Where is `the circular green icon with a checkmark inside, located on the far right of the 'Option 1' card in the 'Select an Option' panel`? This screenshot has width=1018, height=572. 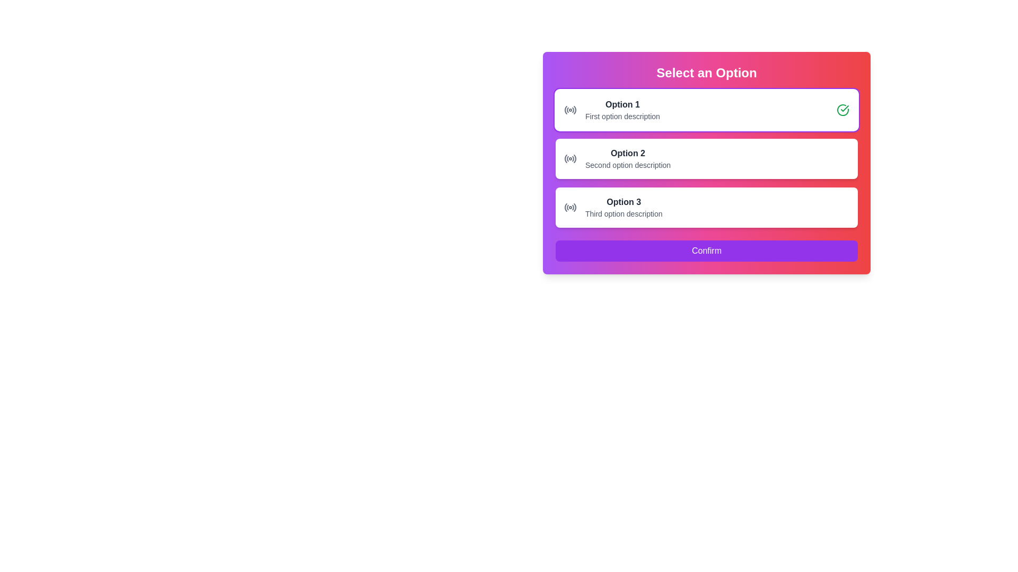 the circular green icon with a checkmark inside, located on the far right of the 'Option 1' card in the 'Select an Option' panel is located at coordinates (842, 110).